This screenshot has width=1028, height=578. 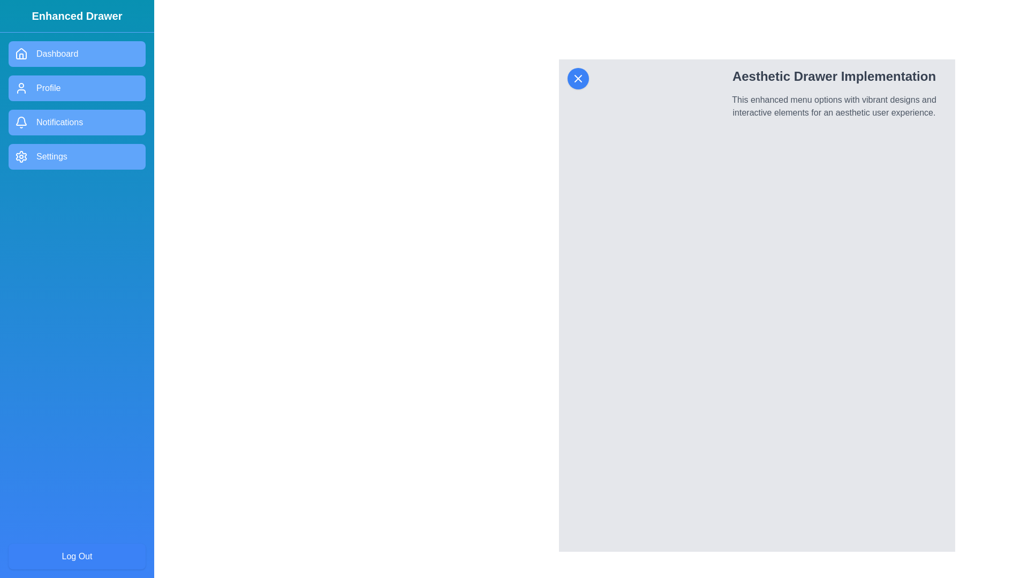 I want to click on the text label displaying 'Dashboard' located in the sidebar menu of the interface, so click(x=57, y=54).